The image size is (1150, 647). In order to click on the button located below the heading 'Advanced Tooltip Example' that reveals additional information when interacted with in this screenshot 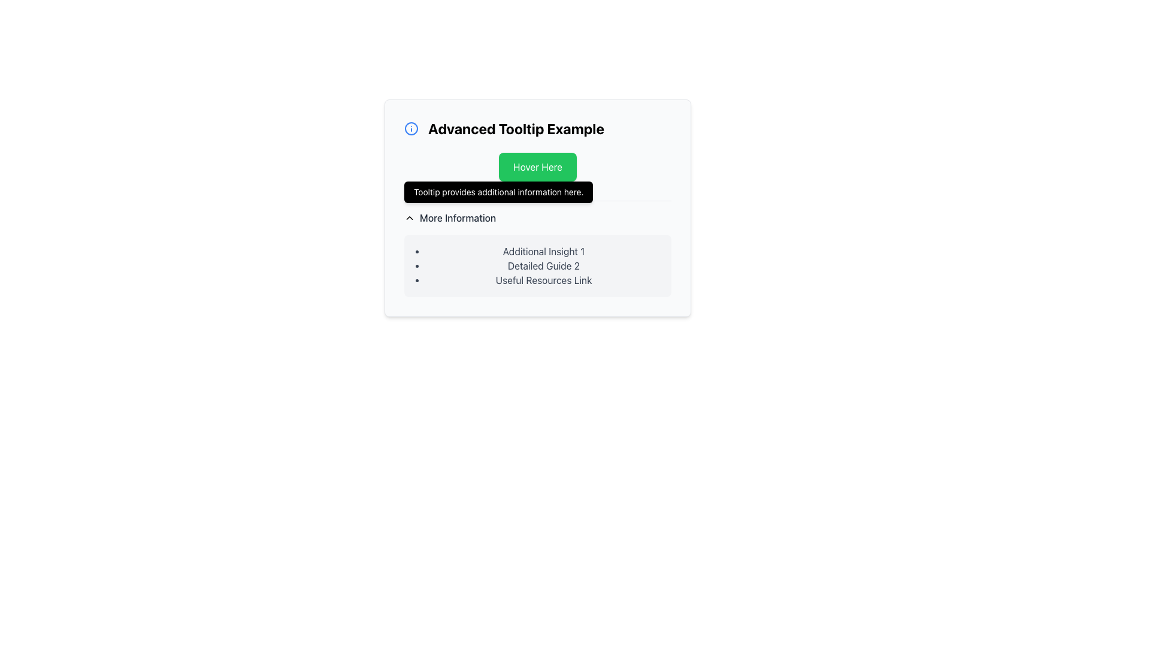, I will do `click(537, 167)`.